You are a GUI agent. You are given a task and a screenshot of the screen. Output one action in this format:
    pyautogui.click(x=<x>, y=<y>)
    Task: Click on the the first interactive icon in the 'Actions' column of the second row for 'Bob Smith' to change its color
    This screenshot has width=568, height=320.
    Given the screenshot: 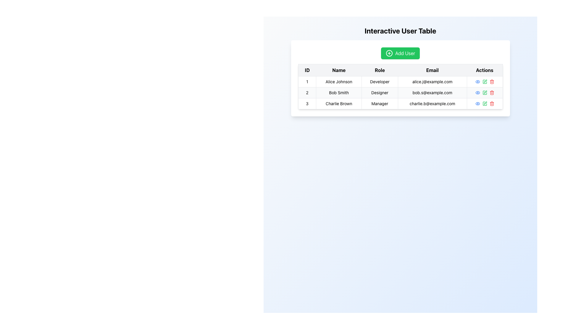 What is the action you would take?
    pyautogui.click(x=477, y=92)
    